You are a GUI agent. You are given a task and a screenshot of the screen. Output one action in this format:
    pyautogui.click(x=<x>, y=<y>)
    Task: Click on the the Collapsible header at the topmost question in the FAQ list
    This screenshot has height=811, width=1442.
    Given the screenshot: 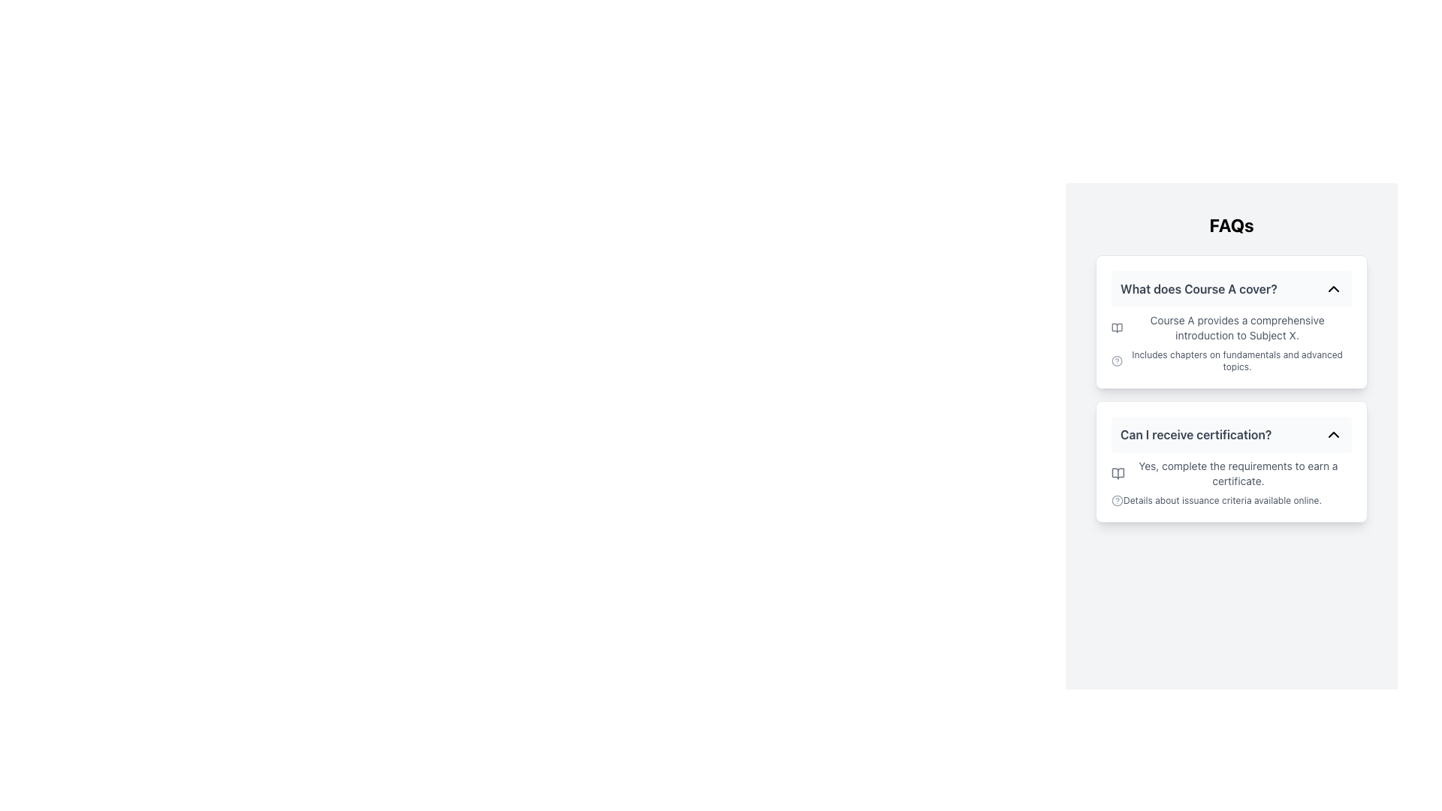 What is the action you would take?
    pyautogui.click(x=1232, y=289)
    